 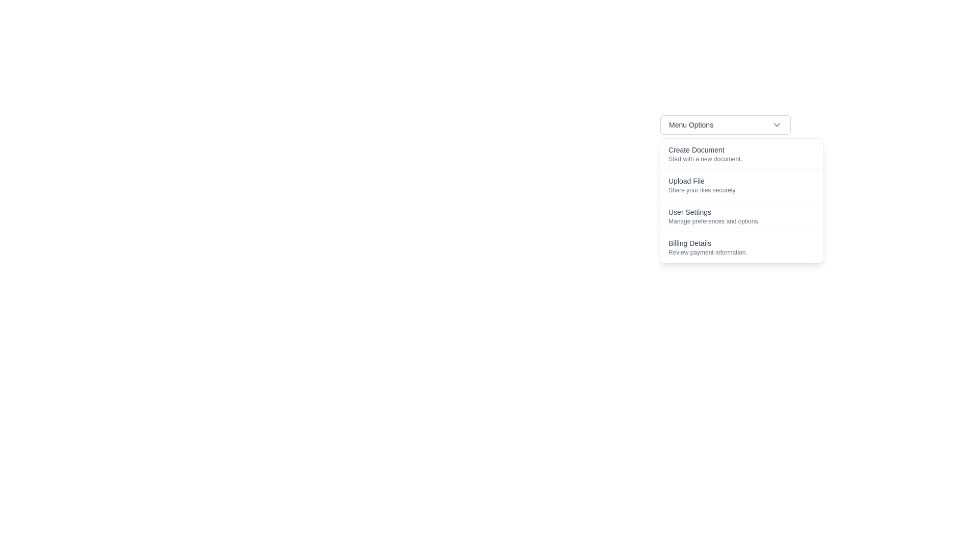 What do you see at coordinates (741, 252) in the screenshot?
I see `the static text element that displays 'Review payment information.' located beneath 'Billing Details' in the dropdown menu` at bounding box center [741, 252].